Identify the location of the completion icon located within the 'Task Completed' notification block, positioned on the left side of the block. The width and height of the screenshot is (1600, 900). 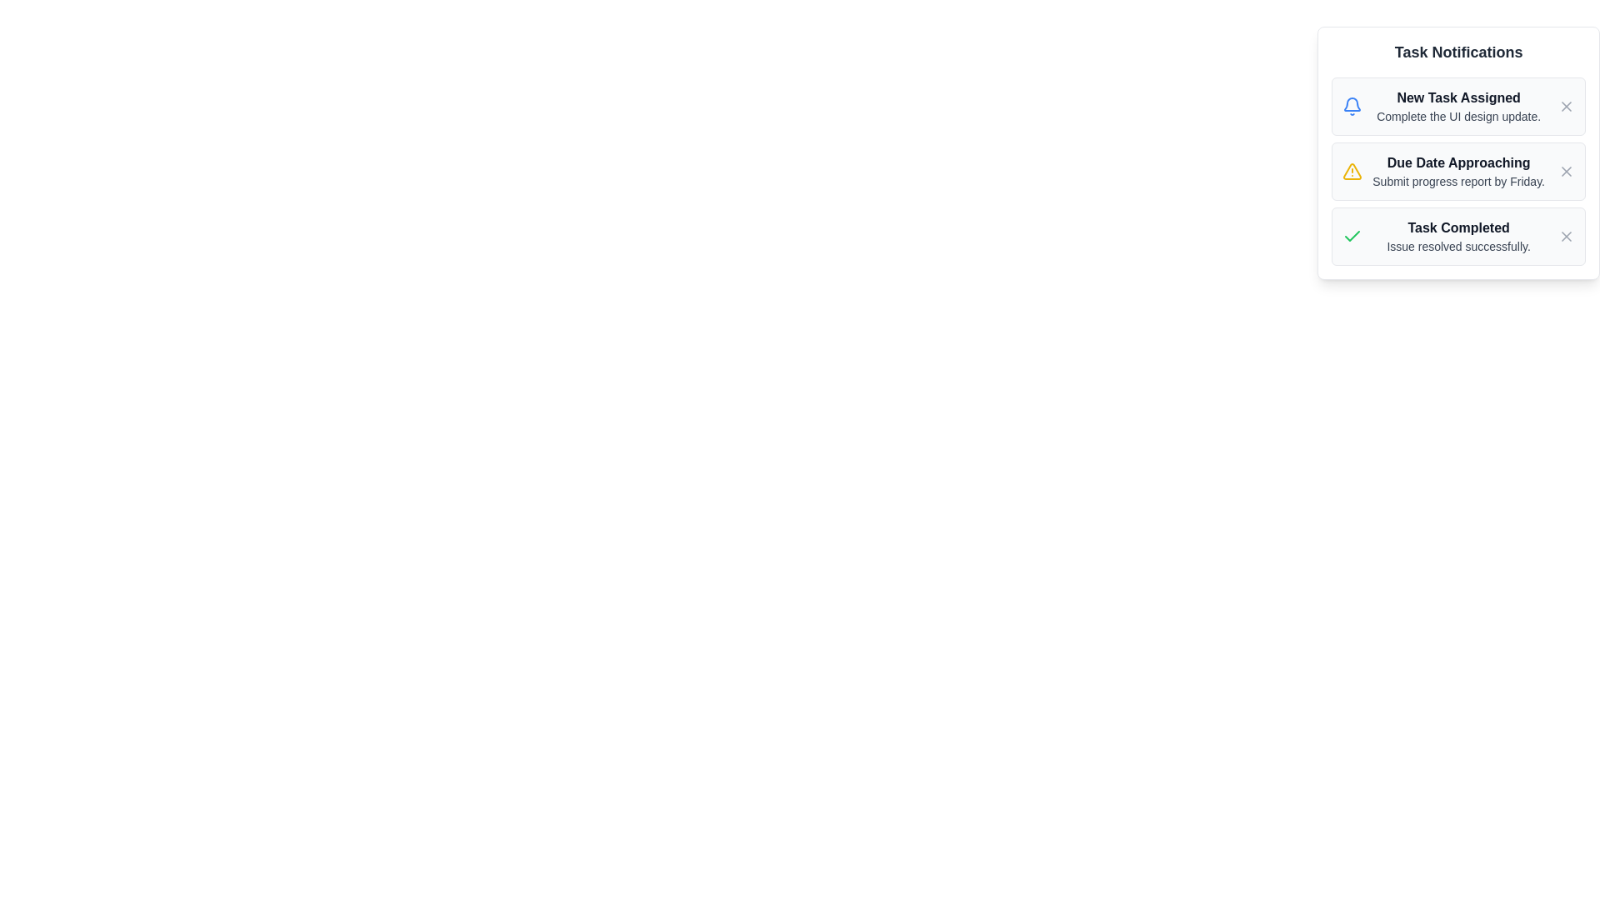
(1352, 237).